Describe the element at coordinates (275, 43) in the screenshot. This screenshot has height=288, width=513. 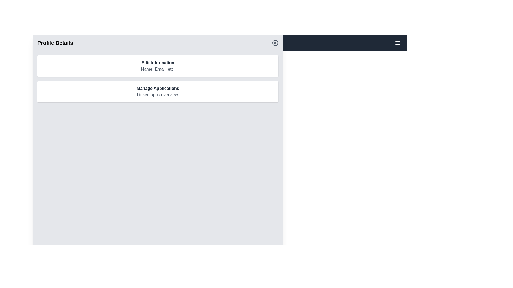
I see `the circular icon with a cross ('X') shape inside it, located at the top-right corner of the profile details section` at that location.